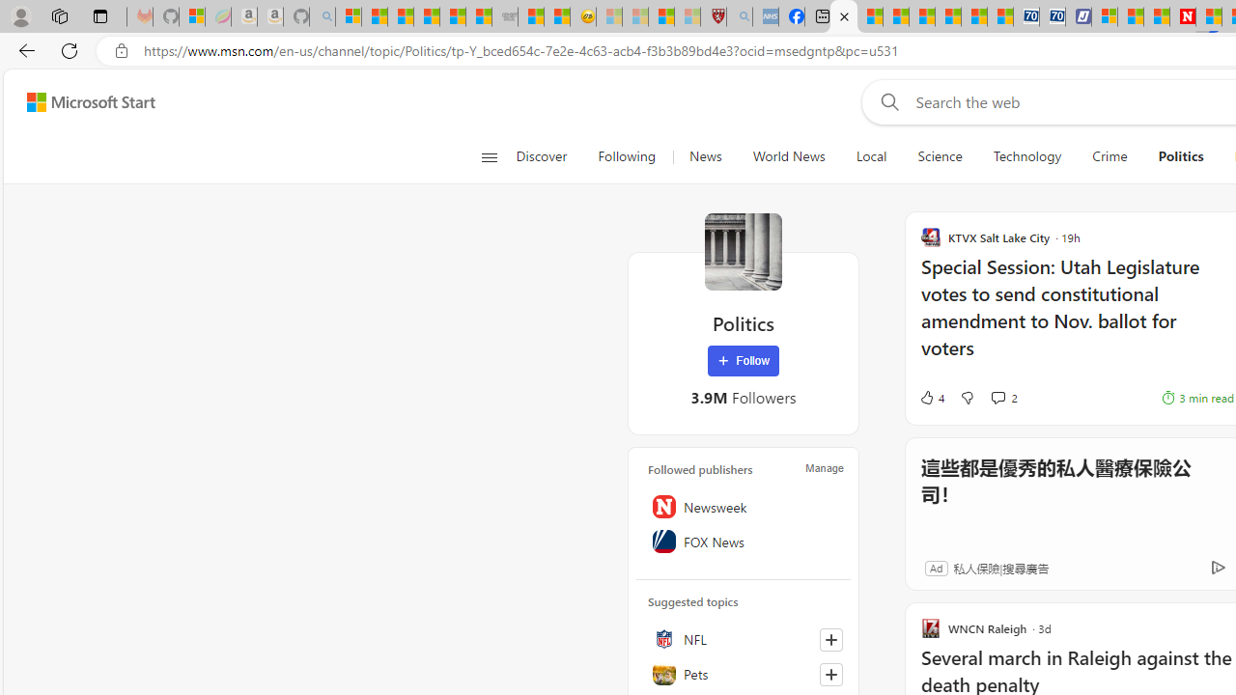 This screenshot has width=1236, height=695. What do you see at coordinates (399, 16) in the screenshot?
I see `'The Weather Channel - MSN'` at bounding box center [399, 16].